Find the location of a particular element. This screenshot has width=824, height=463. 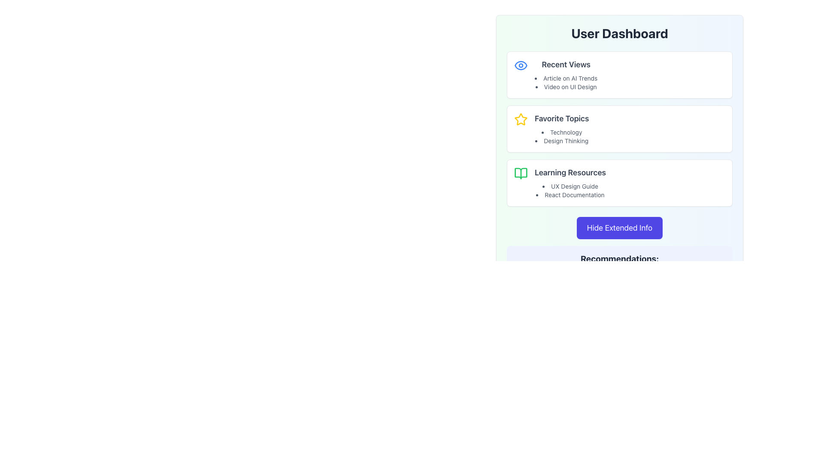

the right side shape of the 'open book' icon in the 'Learning Resources' section, located in the right panel under 'Favorite Topics' is located at coordinates (521, 174).